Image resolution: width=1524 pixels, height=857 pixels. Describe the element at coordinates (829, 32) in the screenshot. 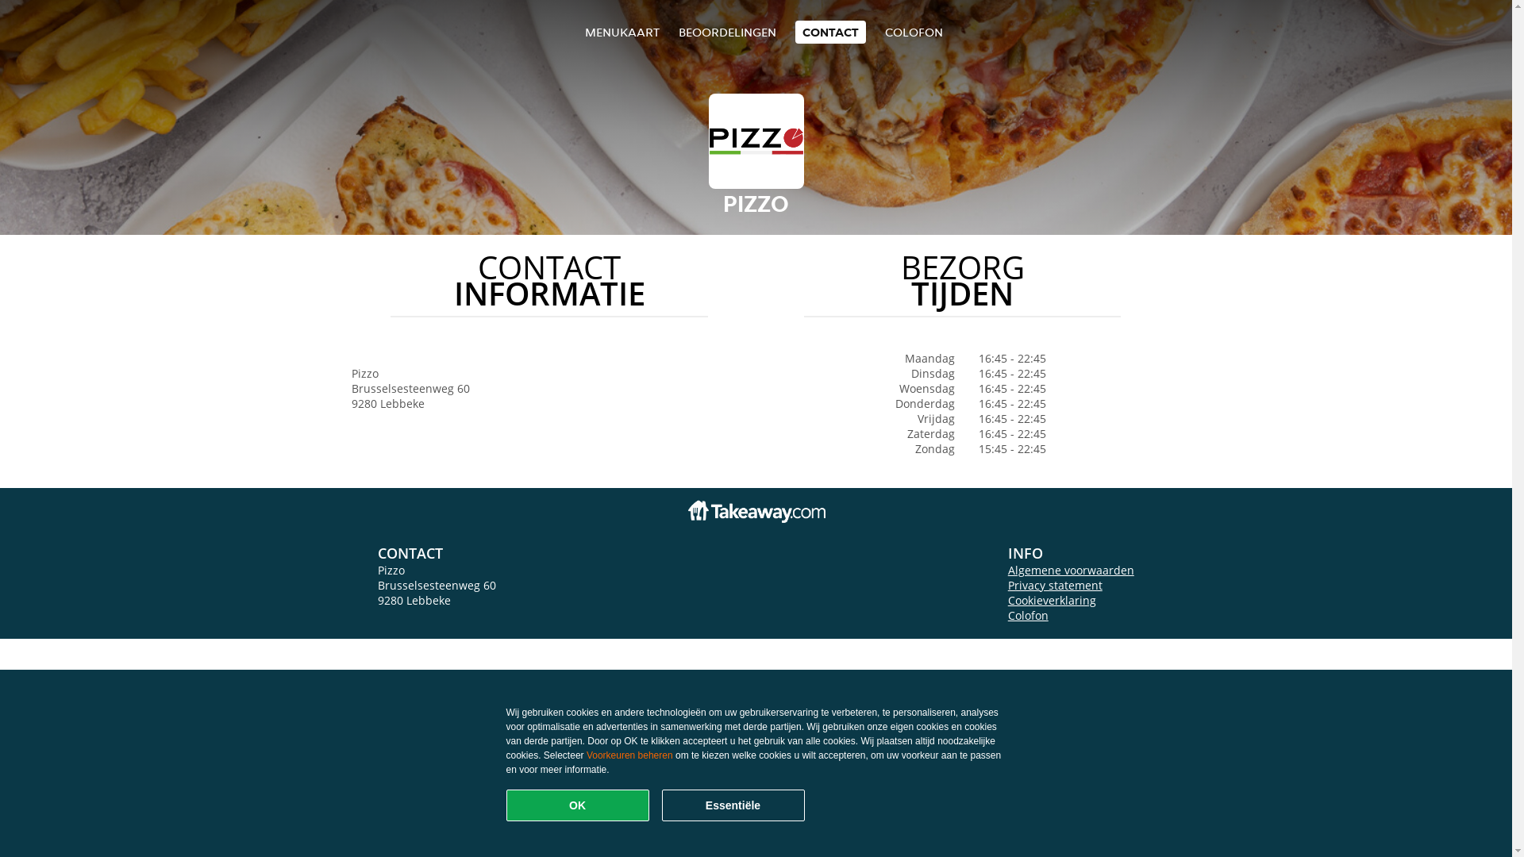

I see `'CONTACT'` at that location.